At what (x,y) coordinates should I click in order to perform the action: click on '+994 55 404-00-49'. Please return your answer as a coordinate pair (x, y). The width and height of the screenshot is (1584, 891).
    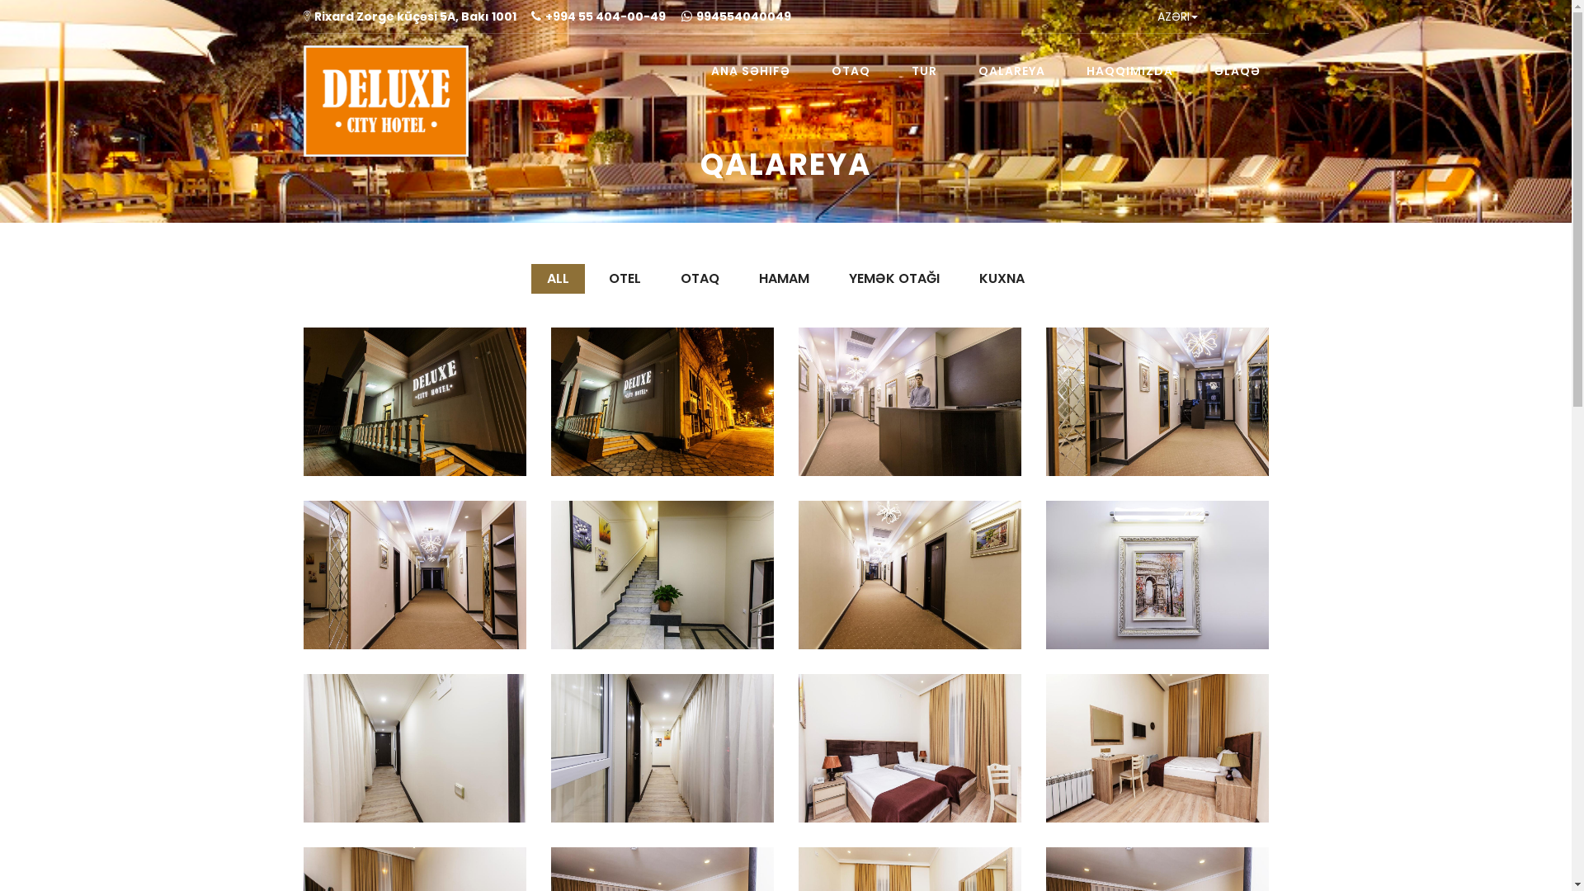
    Looking at the image, I should click on (597, 16).